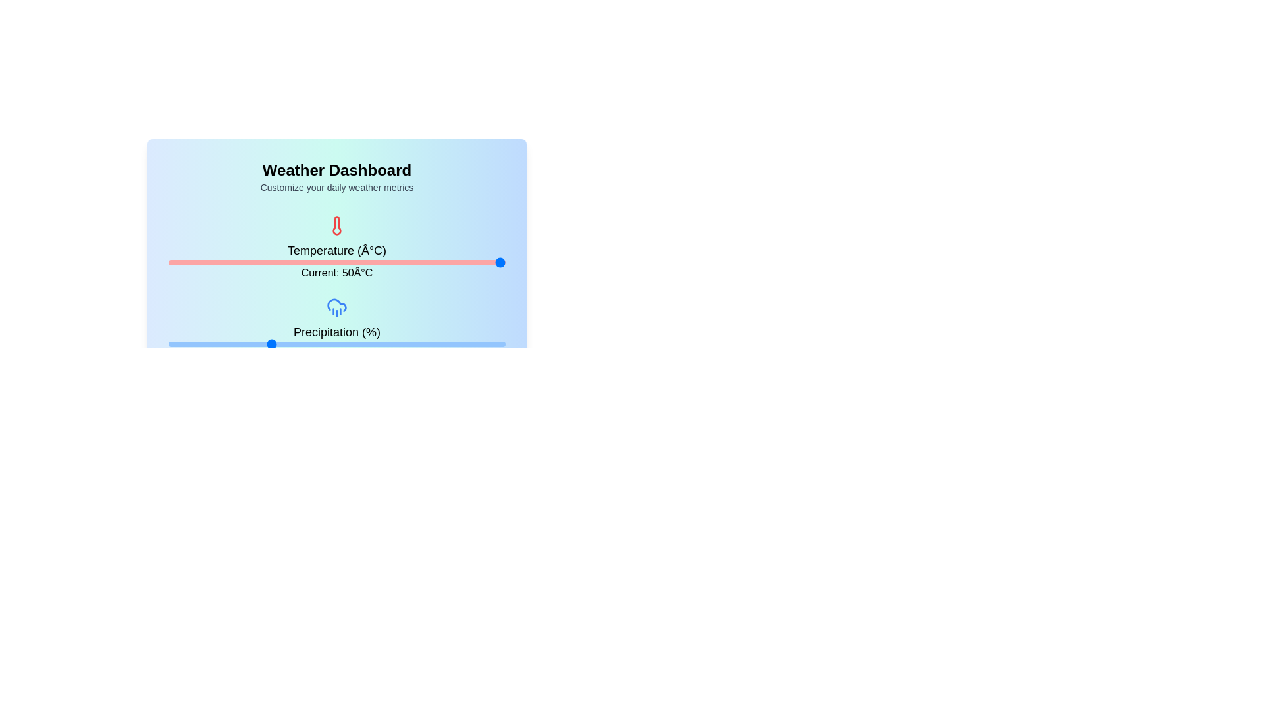 The width and height of the screenshot is (1264, 711). I want to click on the temperature, so click(448, 262).